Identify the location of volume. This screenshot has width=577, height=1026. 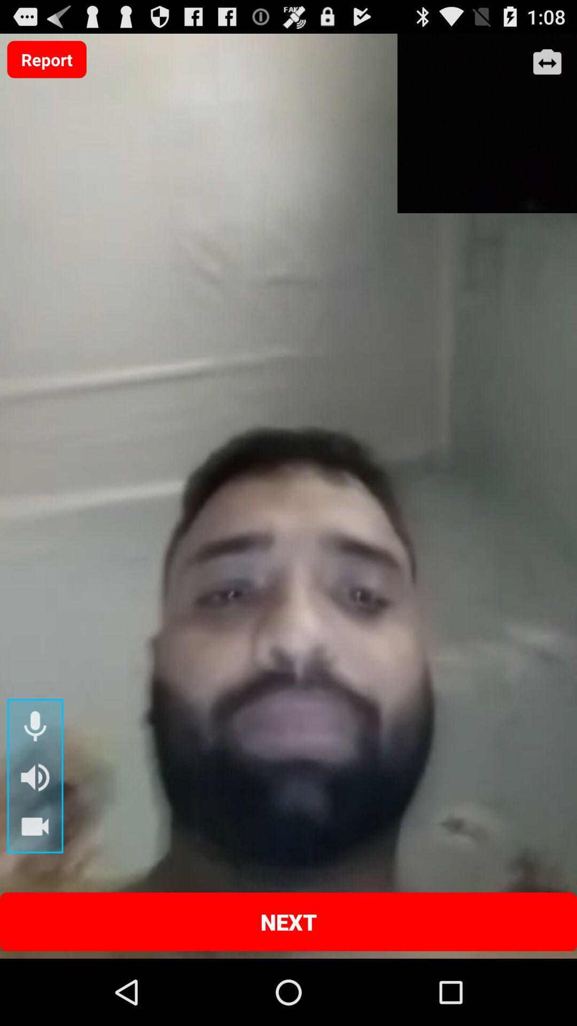
(34, 777).